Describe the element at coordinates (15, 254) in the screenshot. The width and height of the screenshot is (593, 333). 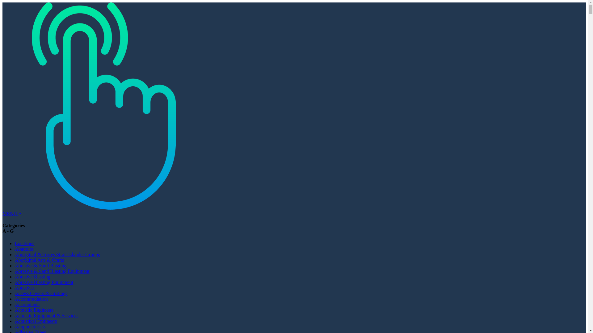
I see `'Aboriginal & Torres Strait Islander Groups'` at that location.